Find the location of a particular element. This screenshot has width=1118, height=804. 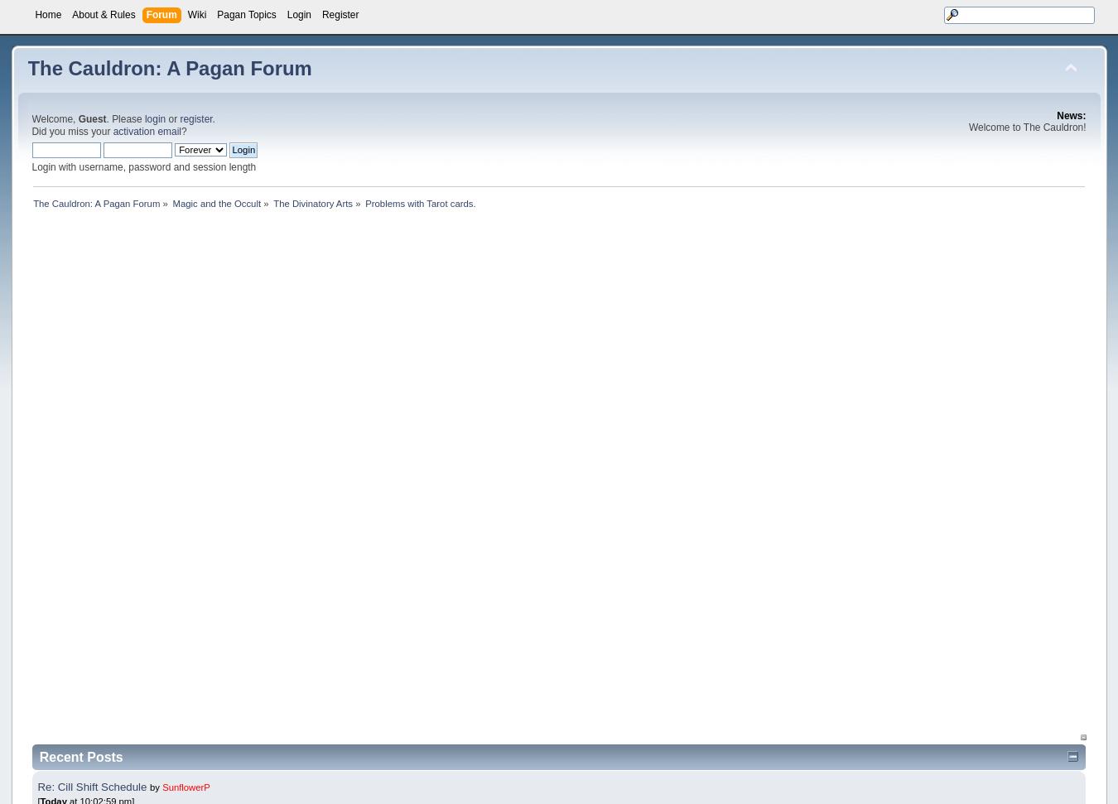

'by' is located at coordinates (150, 786).